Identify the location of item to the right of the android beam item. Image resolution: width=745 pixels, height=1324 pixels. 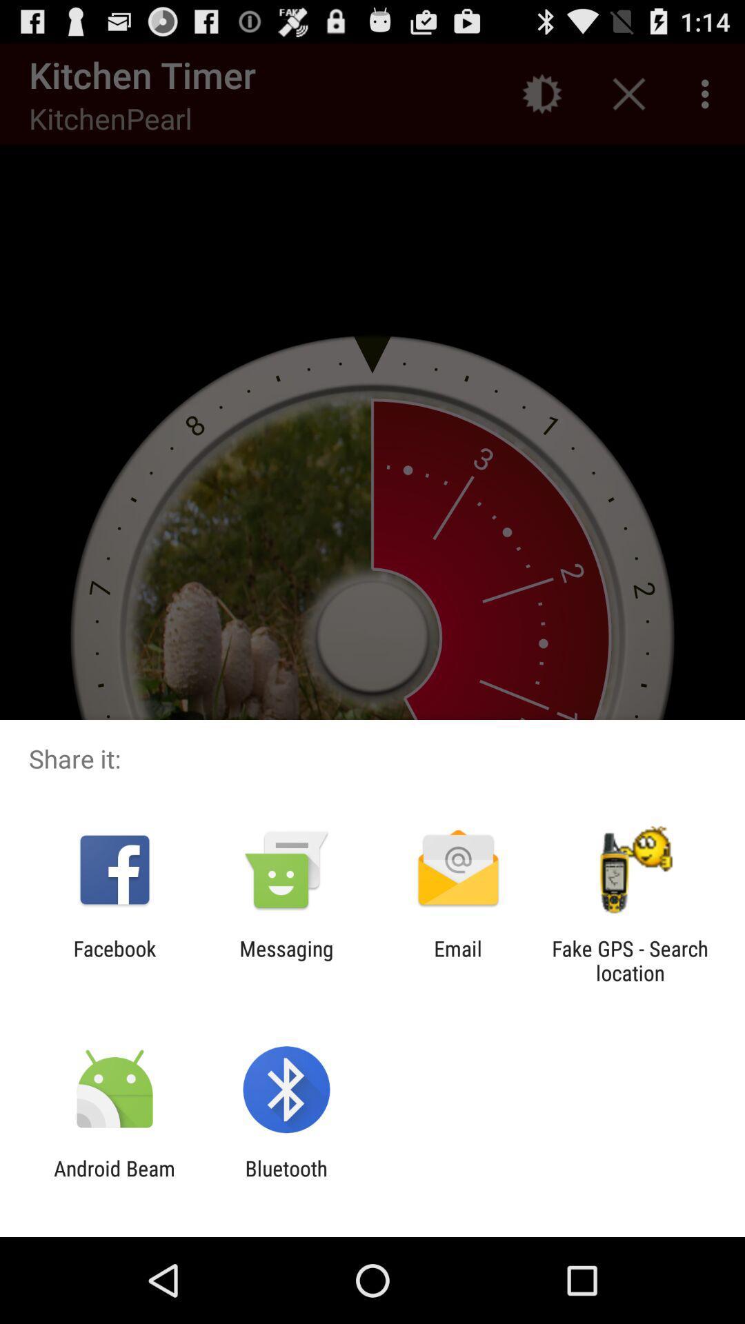
(286, 1180).